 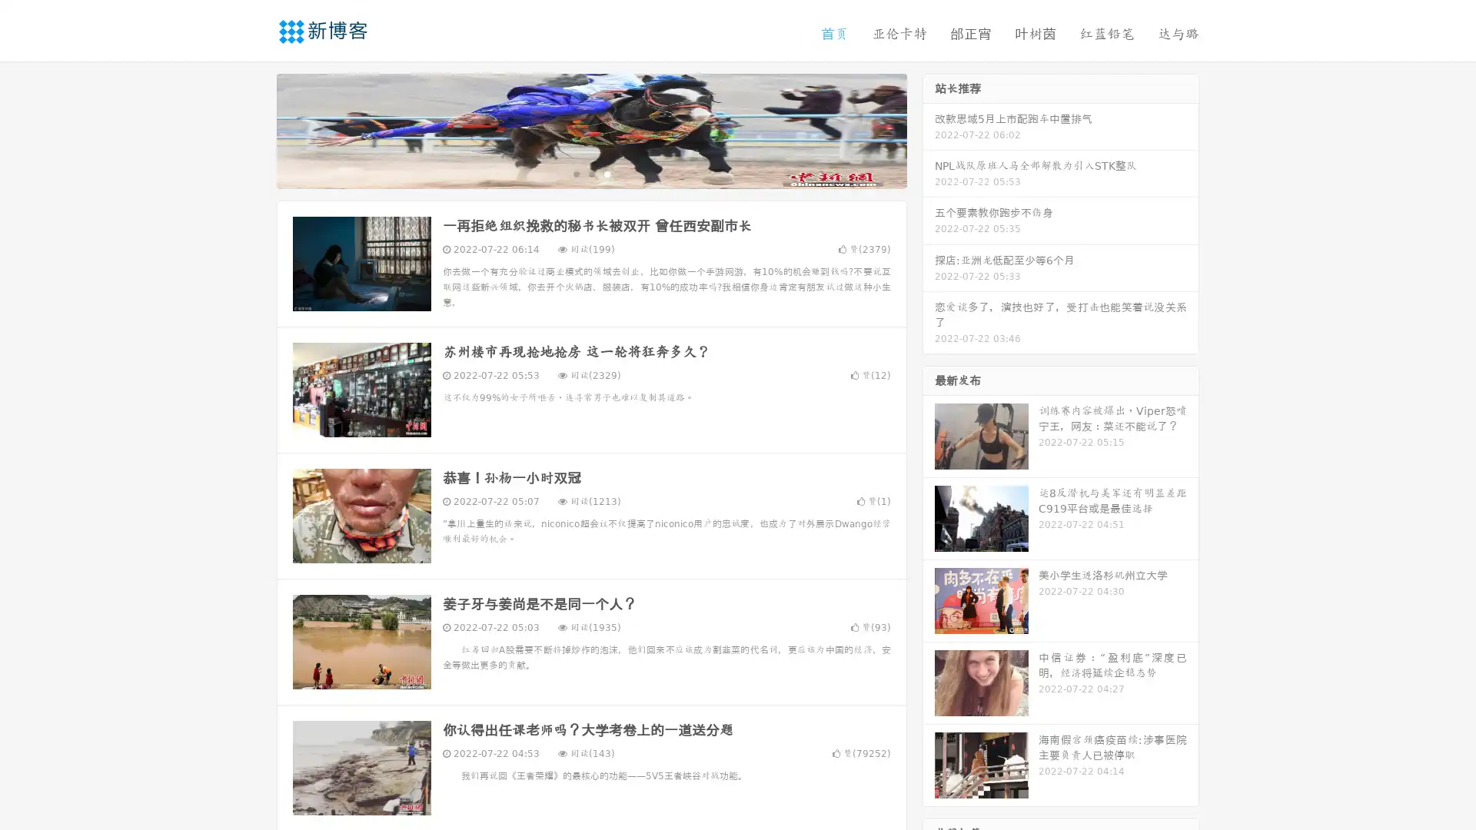 I want to click on Previous slide, so click(x=254, y=129).